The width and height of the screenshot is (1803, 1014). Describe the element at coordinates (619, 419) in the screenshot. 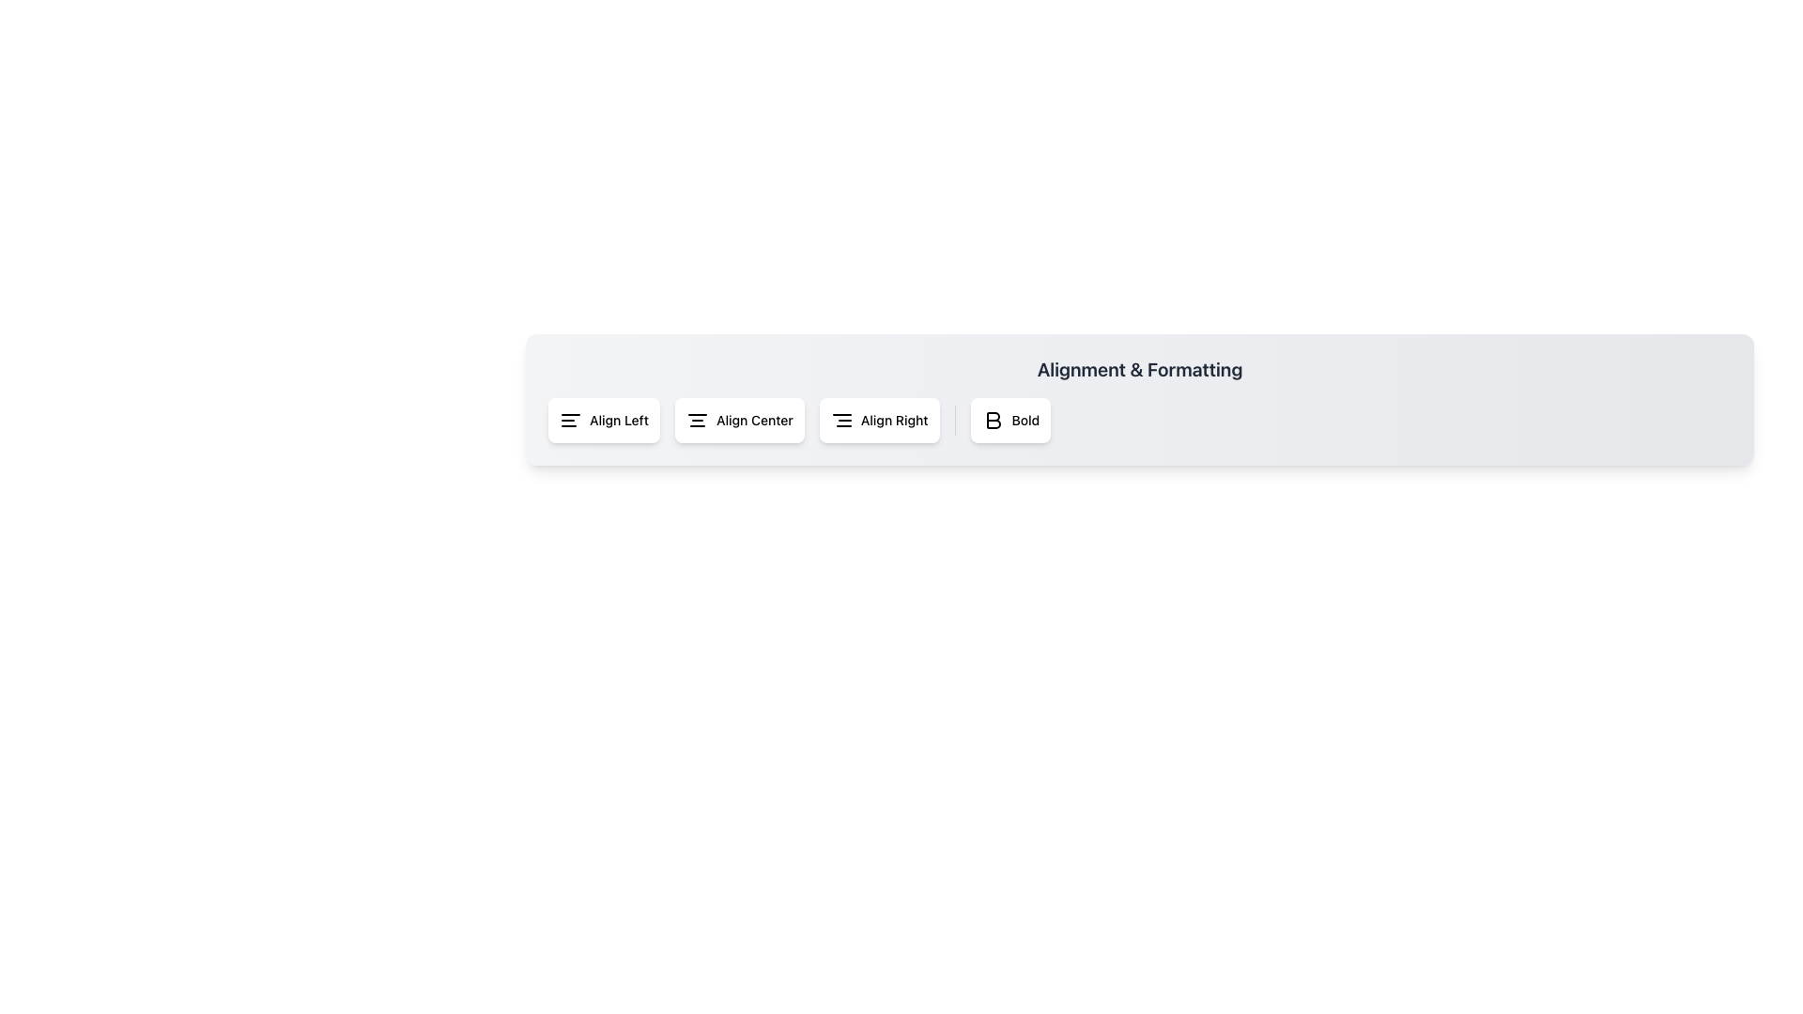

I see `the 'Align Left' text label located in the alignment and formatting toolbar, which is styled with a medium-weight font and positioned next to a left-alignment icon` at that location.